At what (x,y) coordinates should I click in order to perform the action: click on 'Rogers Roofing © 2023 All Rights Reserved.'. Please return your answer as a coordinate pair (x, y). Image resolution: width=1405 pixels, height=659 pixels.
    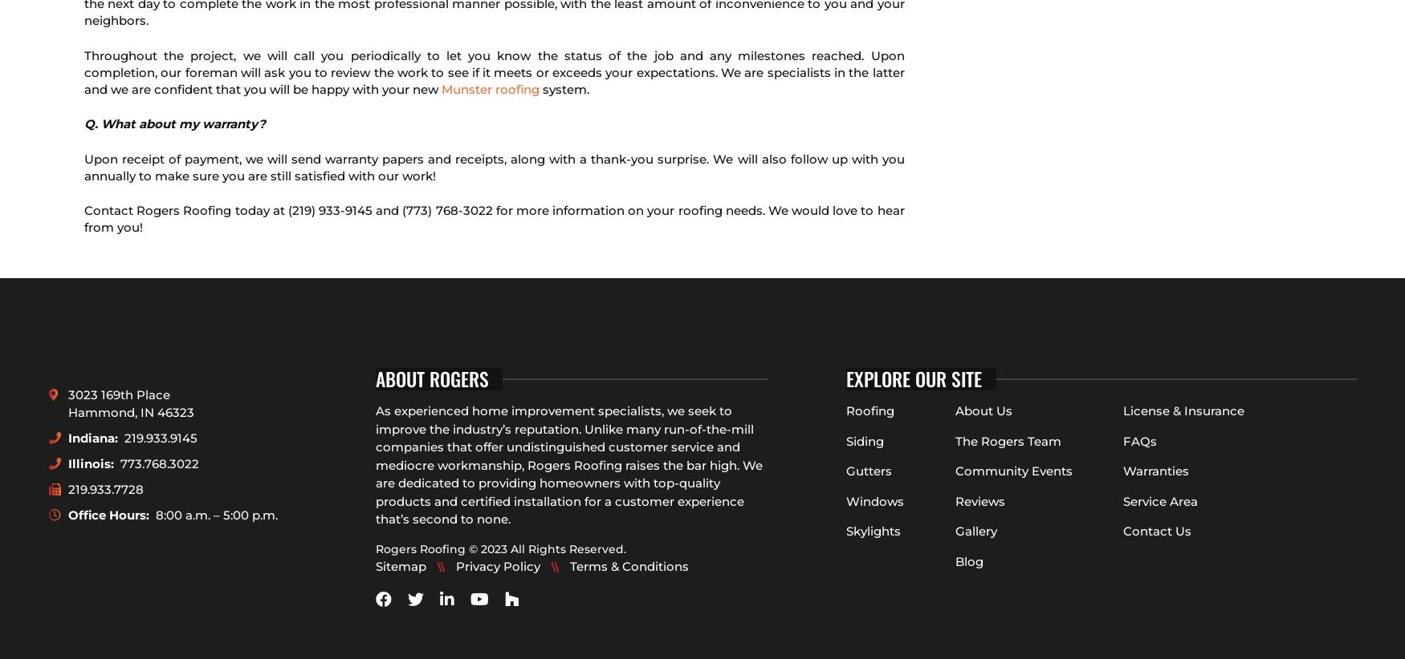
    Looking at the image, I should click on (500, 547).